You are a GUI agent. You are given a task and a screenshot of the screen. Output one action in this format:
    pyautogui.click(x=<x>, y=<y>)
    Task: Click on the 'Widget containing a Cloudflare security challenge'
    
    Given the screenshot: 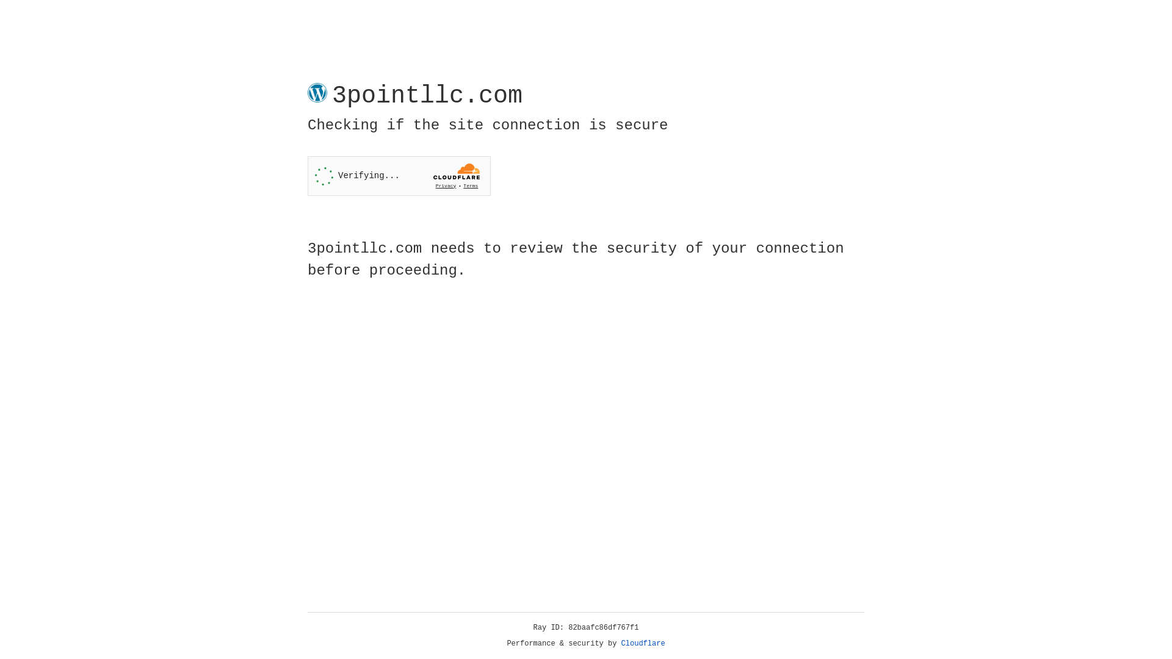 What is the action you would take?
    pyautogui.click(x=399, y=176)
    